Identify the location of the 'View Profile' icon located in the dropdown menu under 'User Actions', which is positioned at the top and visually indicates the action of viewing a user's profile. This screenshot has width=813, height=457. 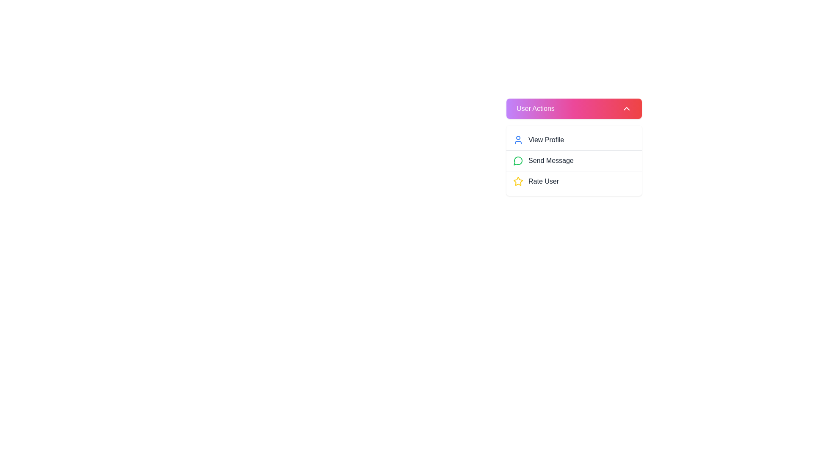
(518, 140).